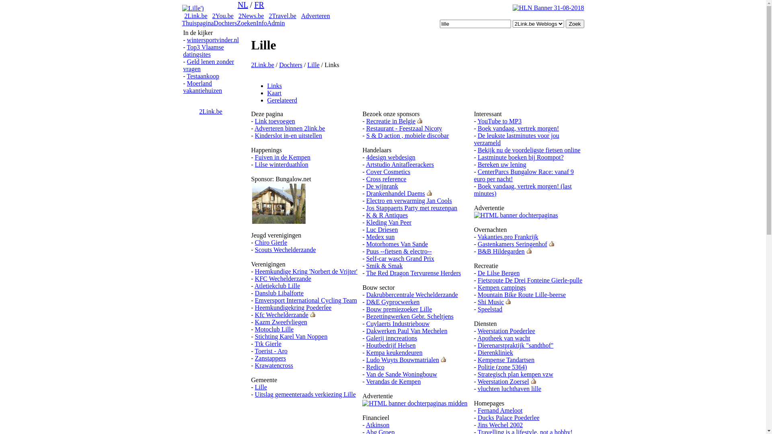  Describe the element at coordinates (386, 178) in the screenshot. I see `'Cross reference'` at that location.